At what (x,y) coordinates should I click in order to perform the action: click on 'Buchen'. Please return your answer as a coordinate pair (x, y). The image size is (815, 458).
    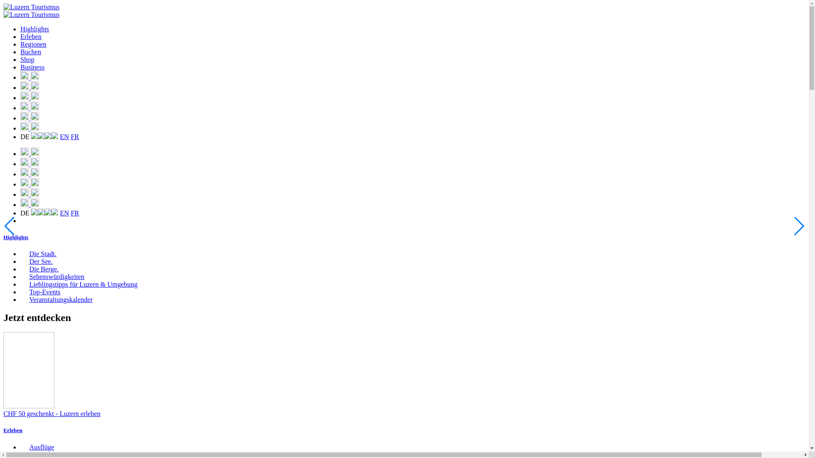
    Looking at the image, I should click on (31, 52).